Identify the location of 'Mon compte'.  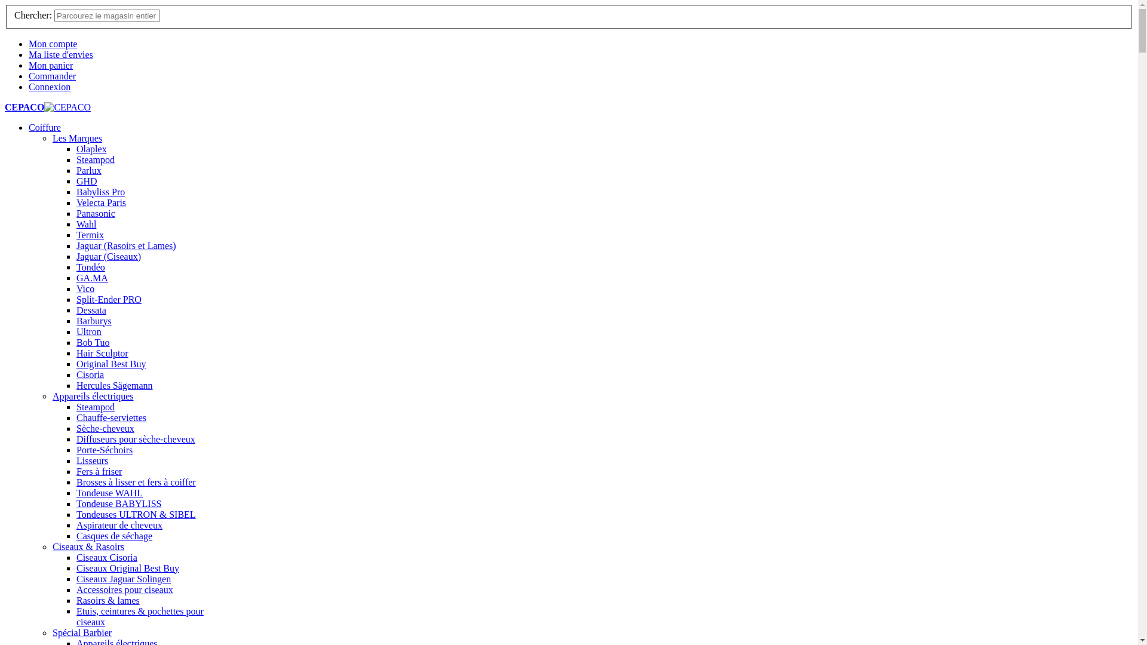
(29, 43).